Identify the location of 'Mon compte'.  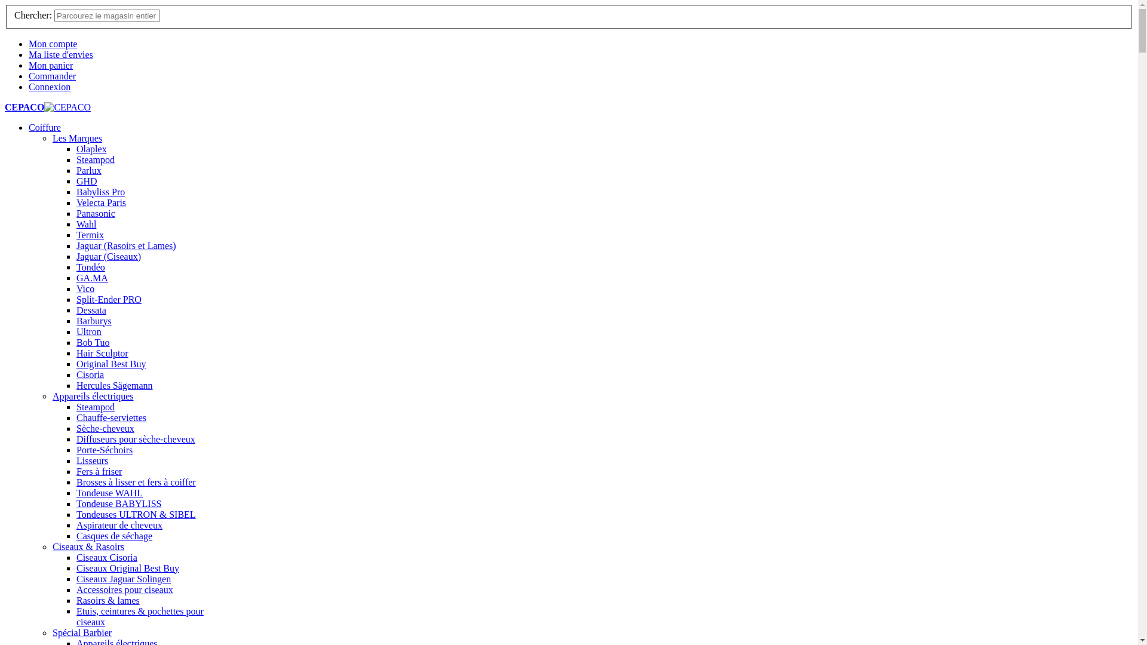
(29, 43).